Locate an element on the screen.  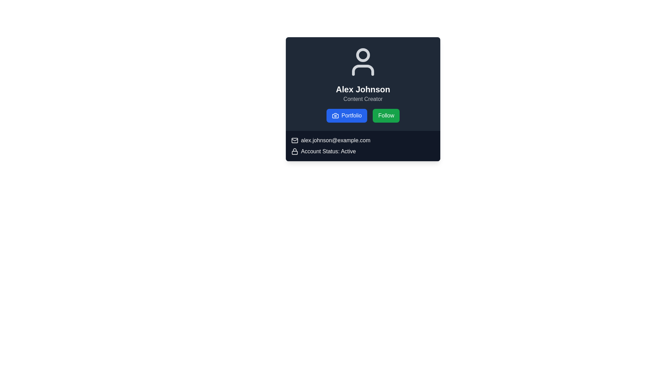
the lock icon that signifies security, located in the bottom-left section of the user card interface, before the 'Account Status: Active' text is located at coordinates (294, 151).